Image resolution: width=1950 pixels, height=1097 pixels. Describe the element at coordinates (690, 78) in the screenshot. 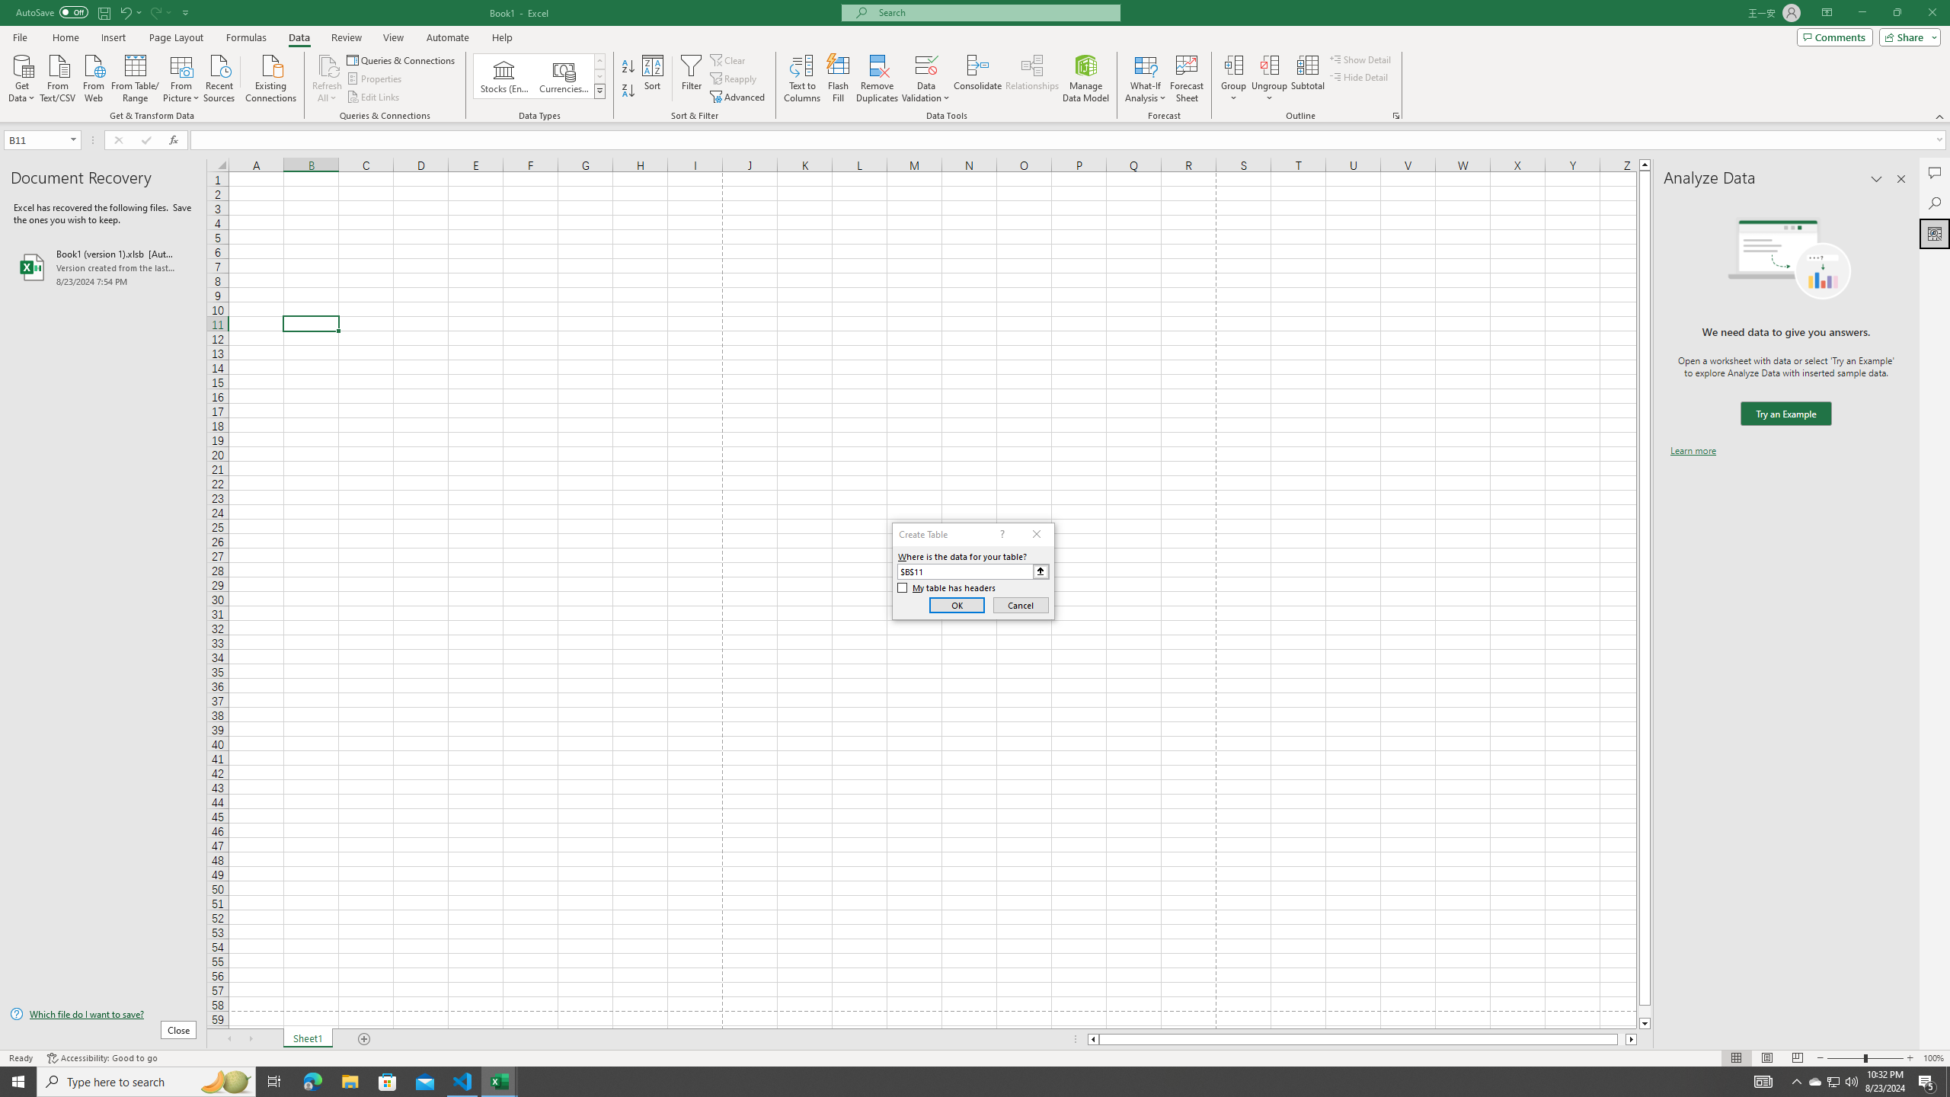

I see `'Filter'` at that location.